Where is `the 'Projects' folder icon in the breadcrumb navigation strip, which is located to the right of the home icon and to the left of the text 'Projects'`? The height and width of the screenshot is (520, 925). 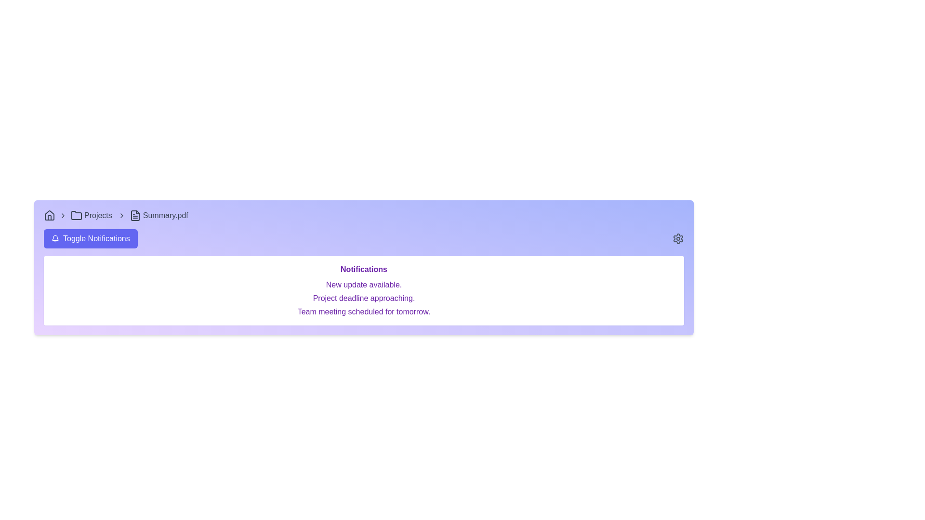
the 'Projects' folder icon in the breadcrumb navigation strip, which is located to the right of the home icon and to the left of the text 'Projects' is located at coordinates (76, 215).